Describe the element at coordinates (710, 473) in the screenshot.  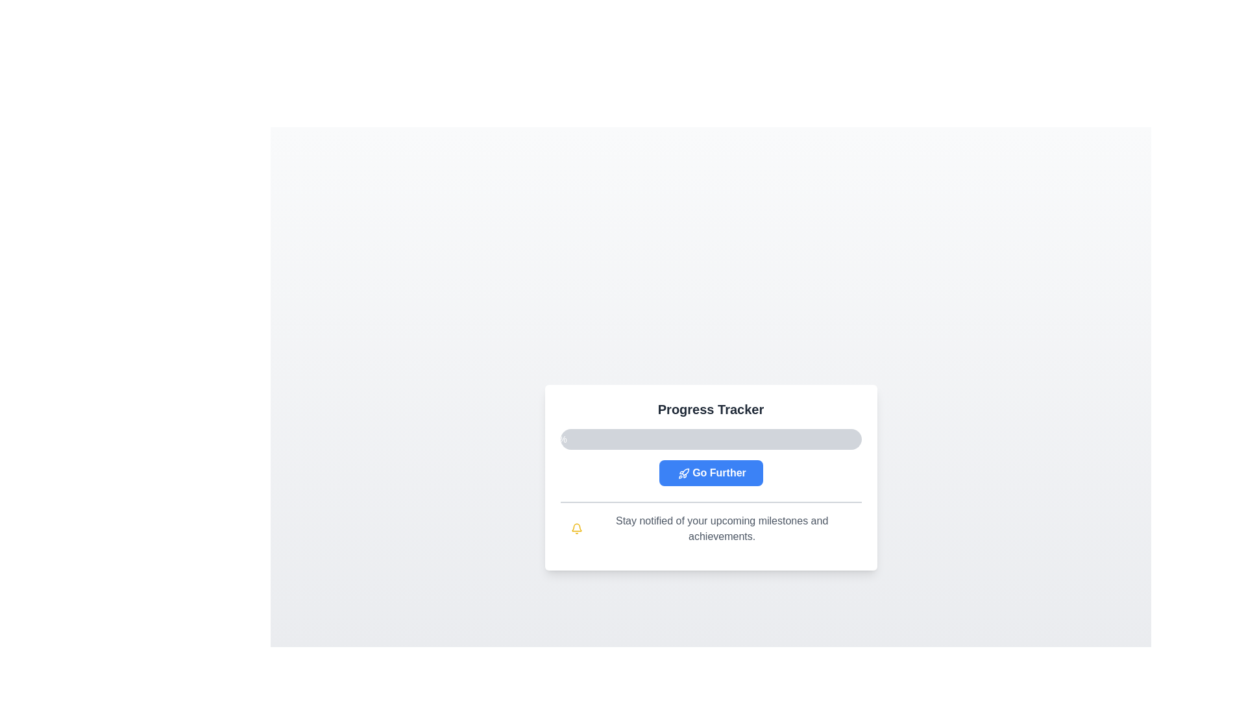
I see `the 'Go Further' button, which is a blue rectangular button with white text and a rocket icon` at that location.